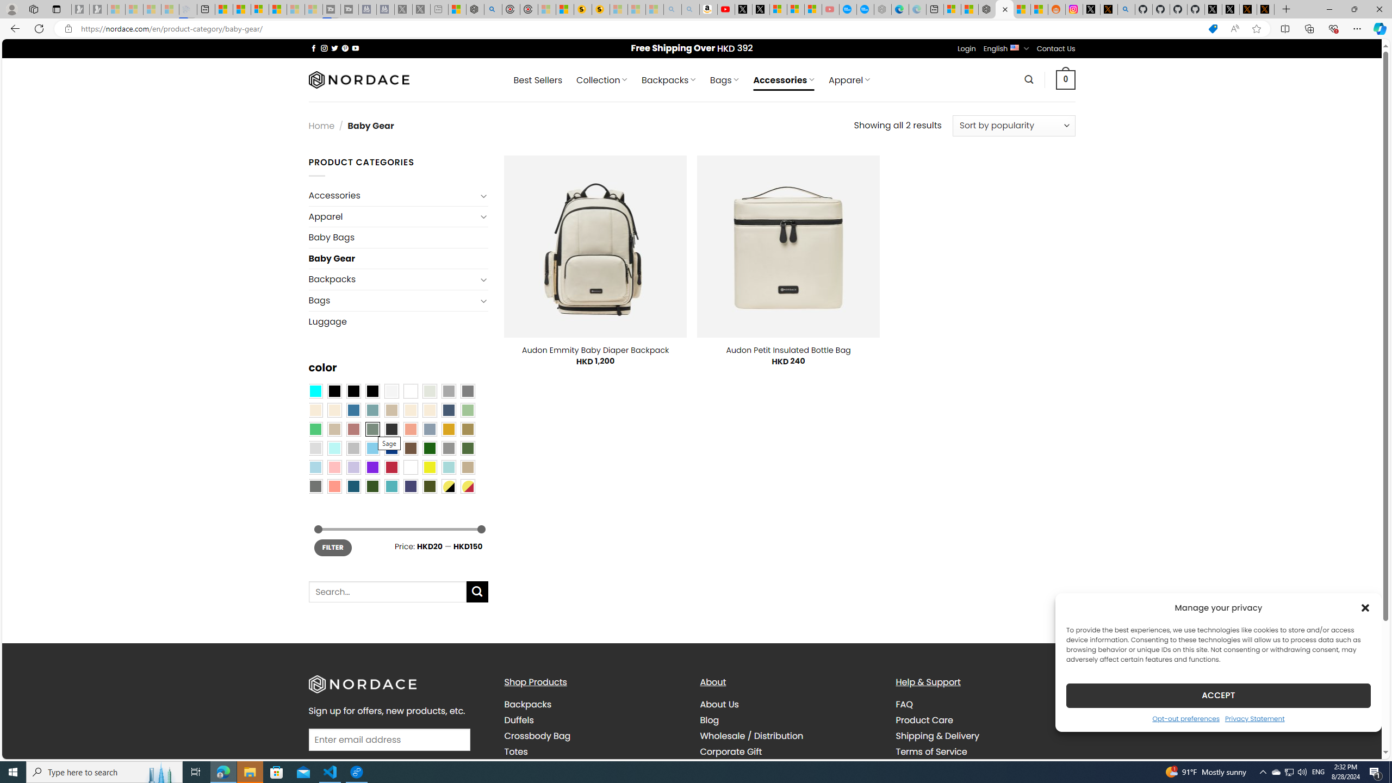 The height and width of the screenshot is (783, 1392). Describe the element at coordinates (537, 736) in the screenshot. I see `'Crossbody Bag'` at that location.